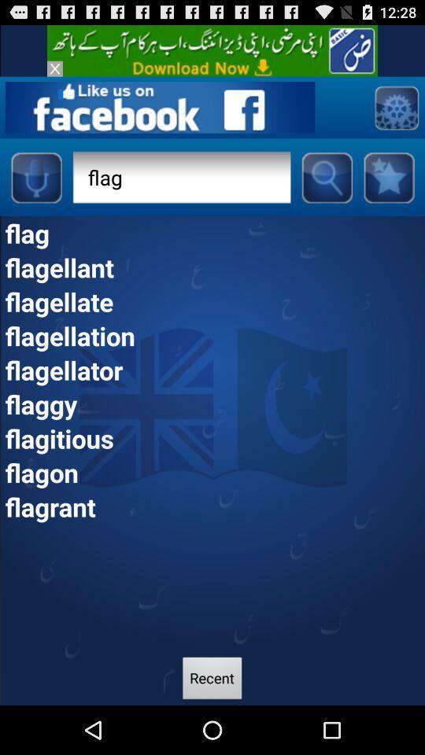  I want to click on like on facebook, so click(159, 106).